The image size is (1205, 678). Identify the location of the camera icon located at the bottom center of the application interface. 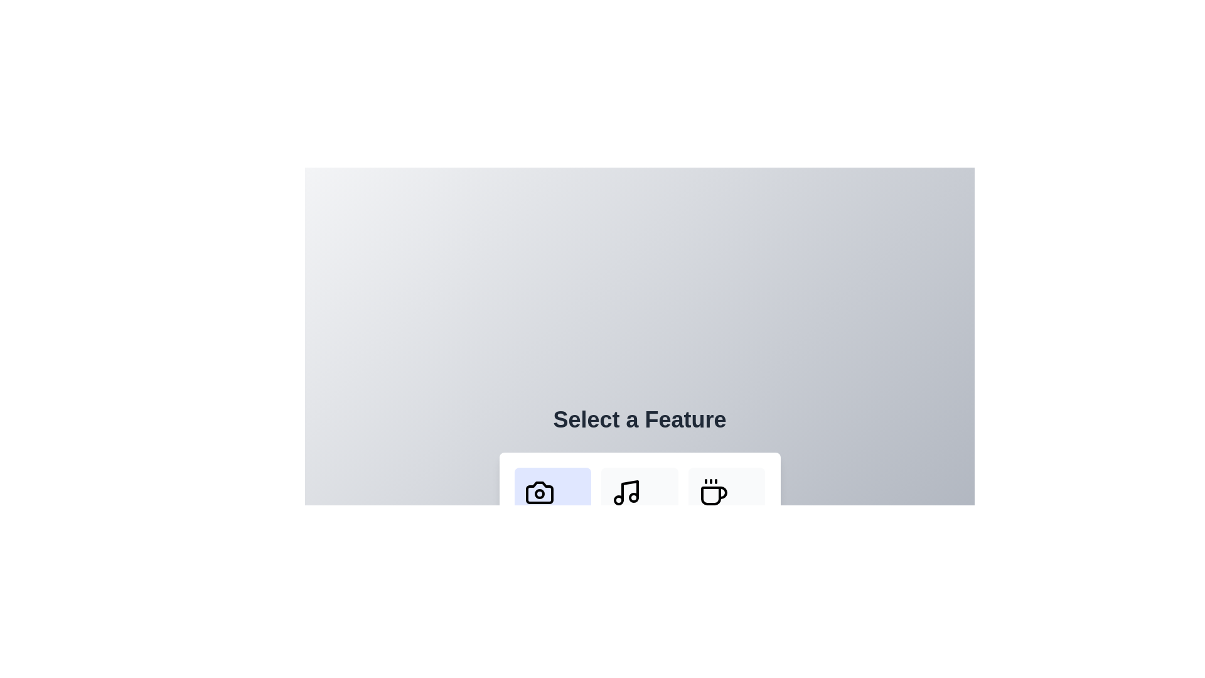
(539, 492).